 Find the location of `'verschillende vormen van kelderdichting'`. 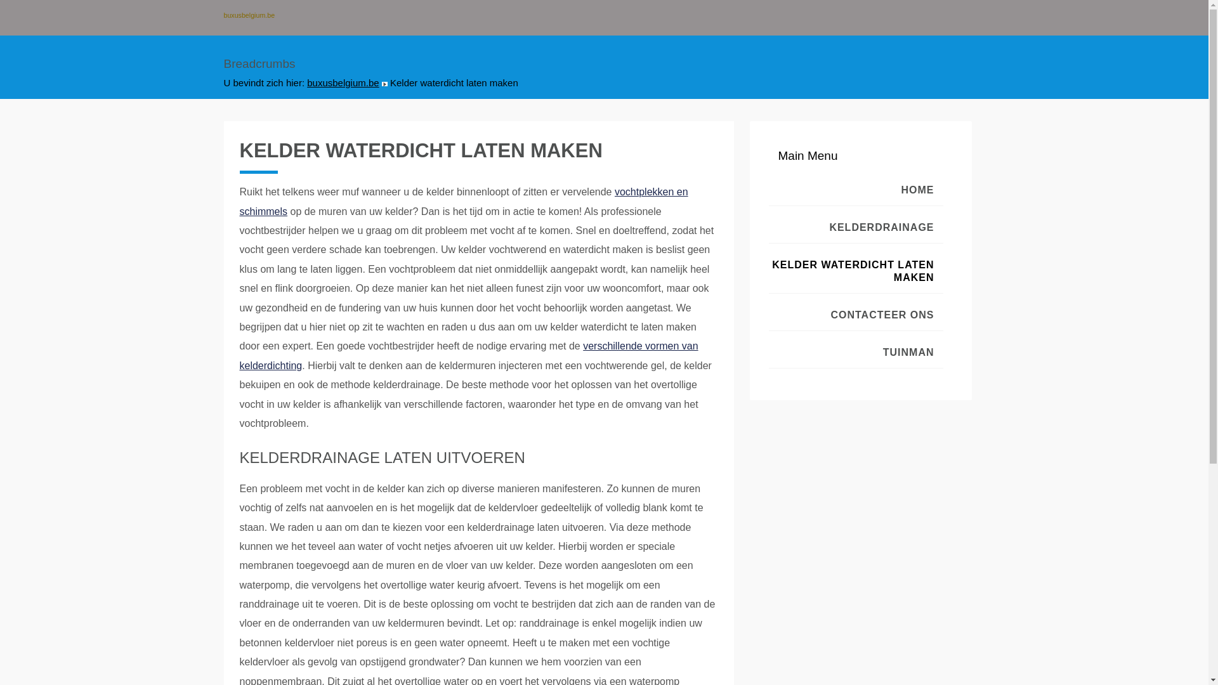

'verschillende vormen van kelderdichting' is located at coordinates (240, 355).